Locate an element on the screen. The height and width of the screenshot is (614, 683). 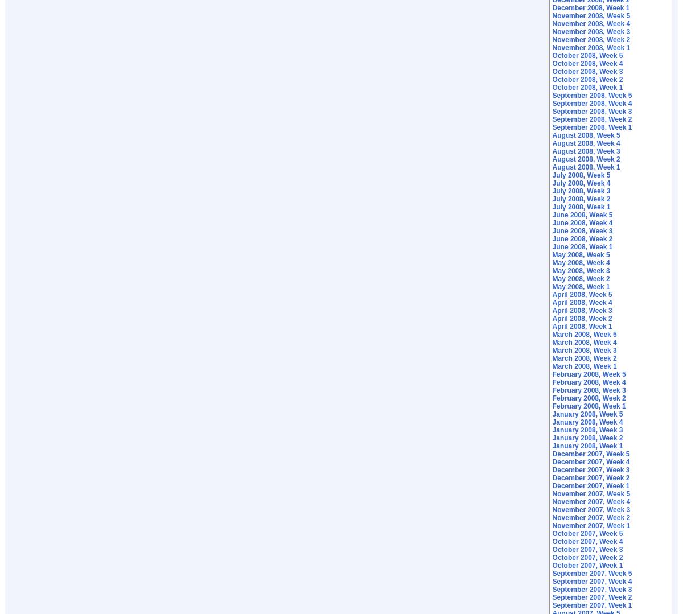
'February 2008, Week 5' is located at coordinates (552, 373).